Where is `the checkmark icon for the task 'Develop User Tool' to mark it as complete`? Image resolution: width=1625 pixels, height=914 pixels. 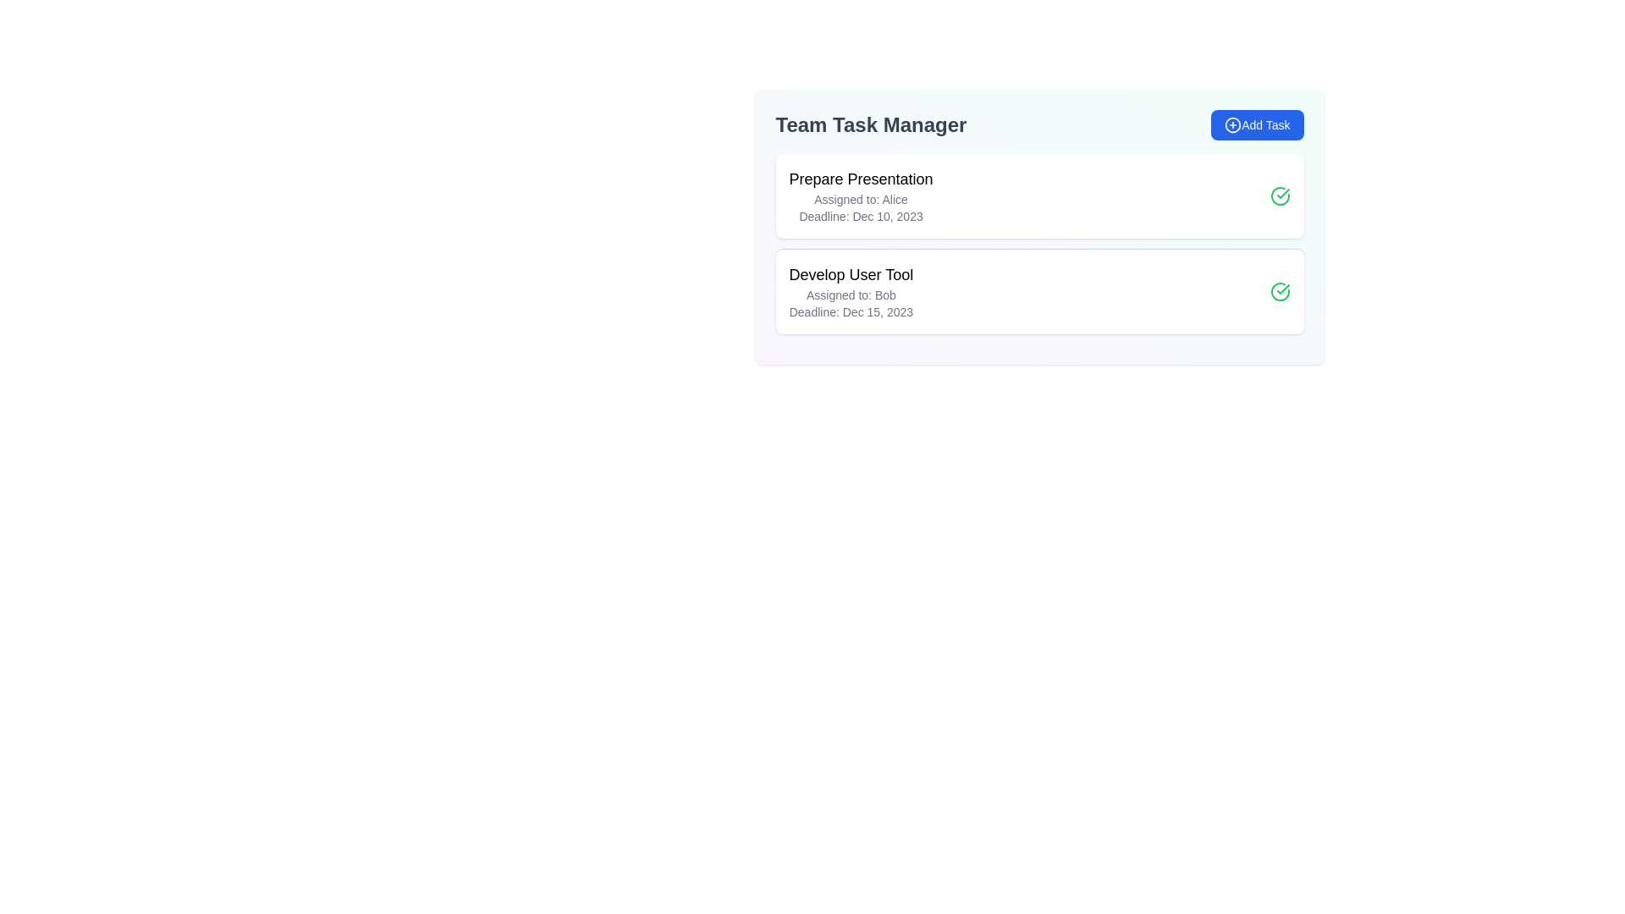 the checkmark icon for the task 'Develop User Tool' to mark it as complete is located at coordinates (1280, 290).